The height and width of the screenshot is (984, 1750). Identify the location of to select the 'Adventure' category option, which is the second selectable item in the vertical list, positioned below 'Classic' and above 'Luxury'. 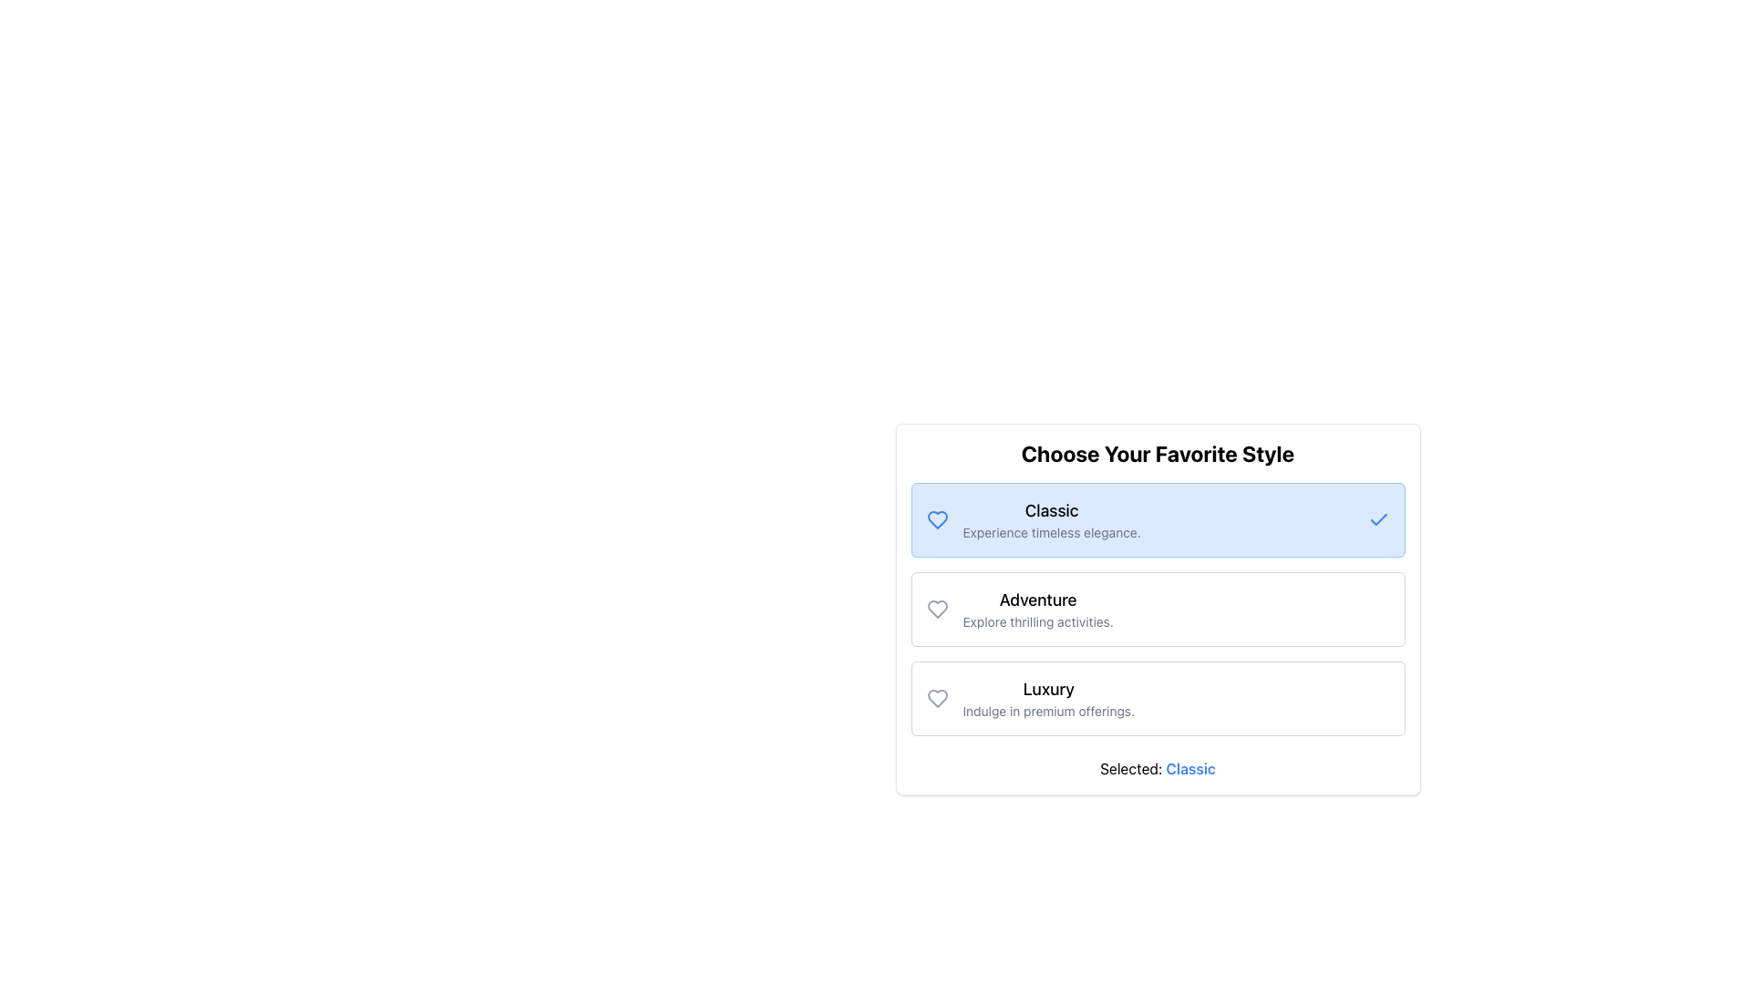
(1037, 609).